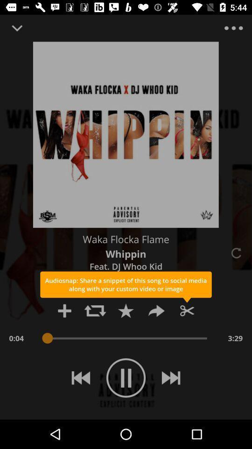  I want to click on the pause icon, so click(126, 378).